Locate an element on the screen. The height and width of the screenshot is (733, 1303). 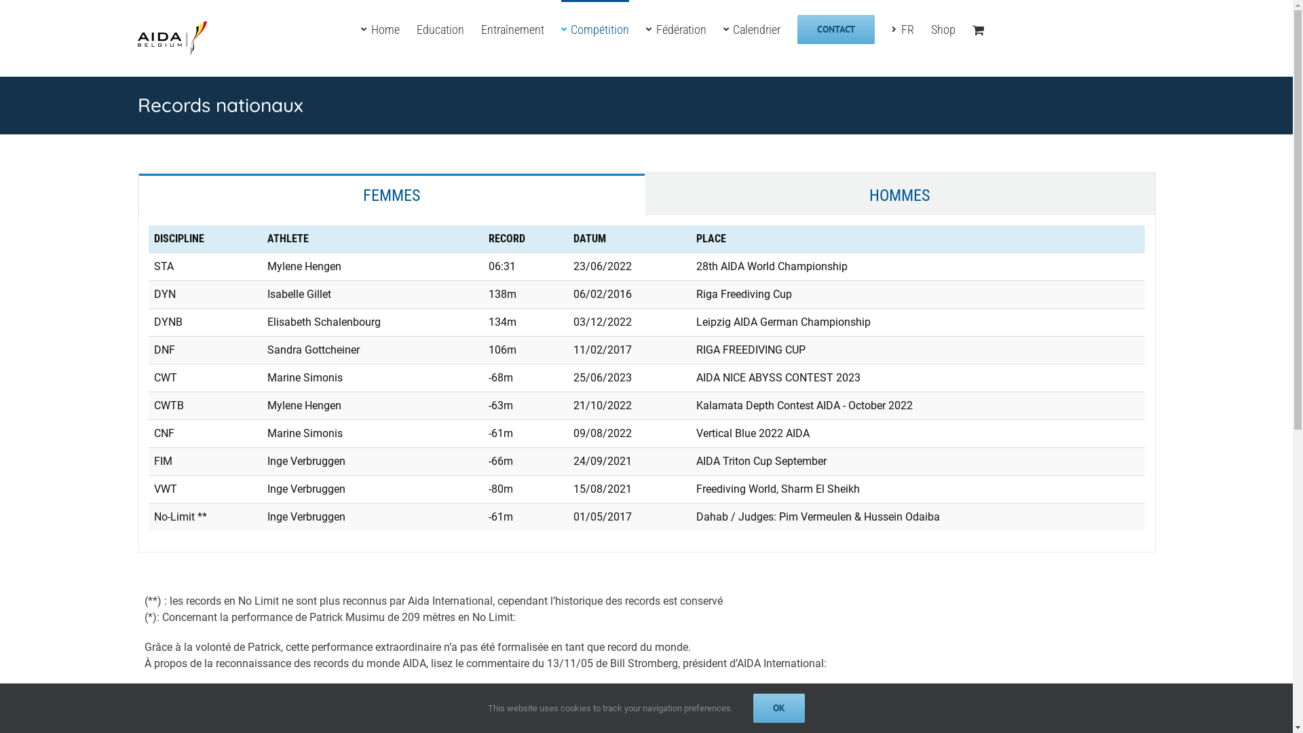
'HOMMES' is located at coordinates (899, 194).